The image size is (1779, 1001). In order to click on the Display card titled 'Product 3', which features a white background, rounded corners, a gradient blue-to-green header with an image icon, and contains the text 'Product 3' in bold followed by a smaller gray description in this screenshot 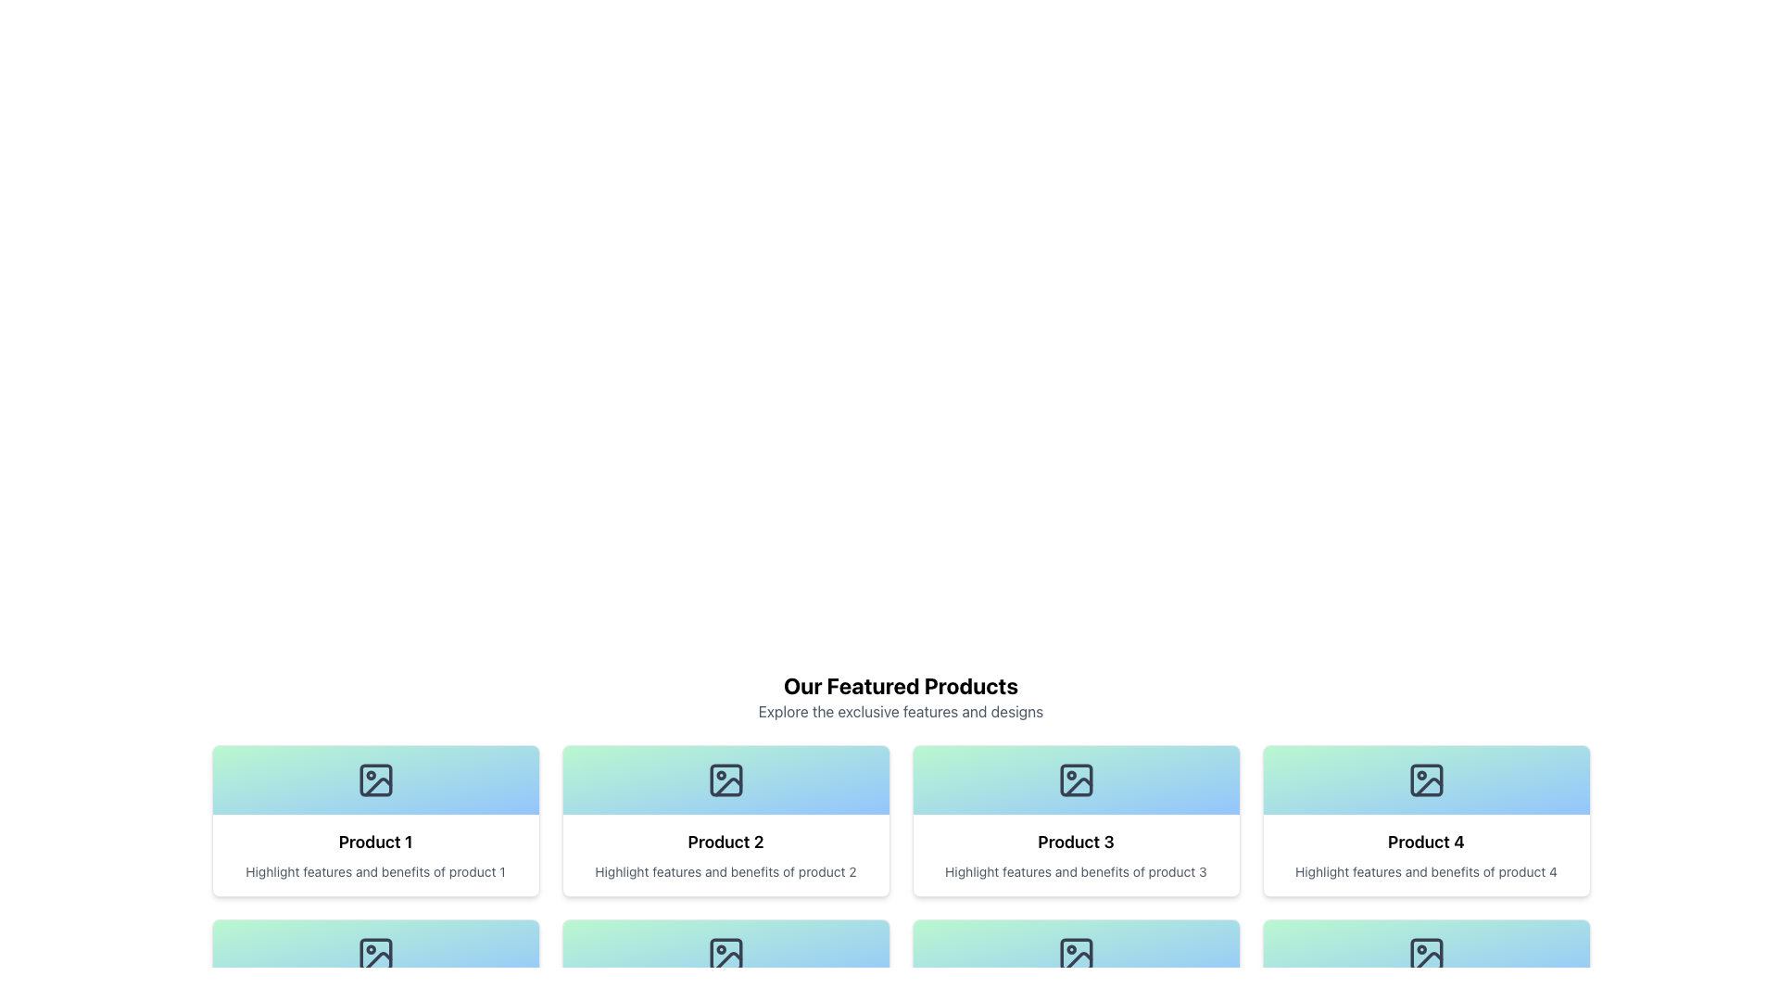, I will do `click(1076, 820)`.